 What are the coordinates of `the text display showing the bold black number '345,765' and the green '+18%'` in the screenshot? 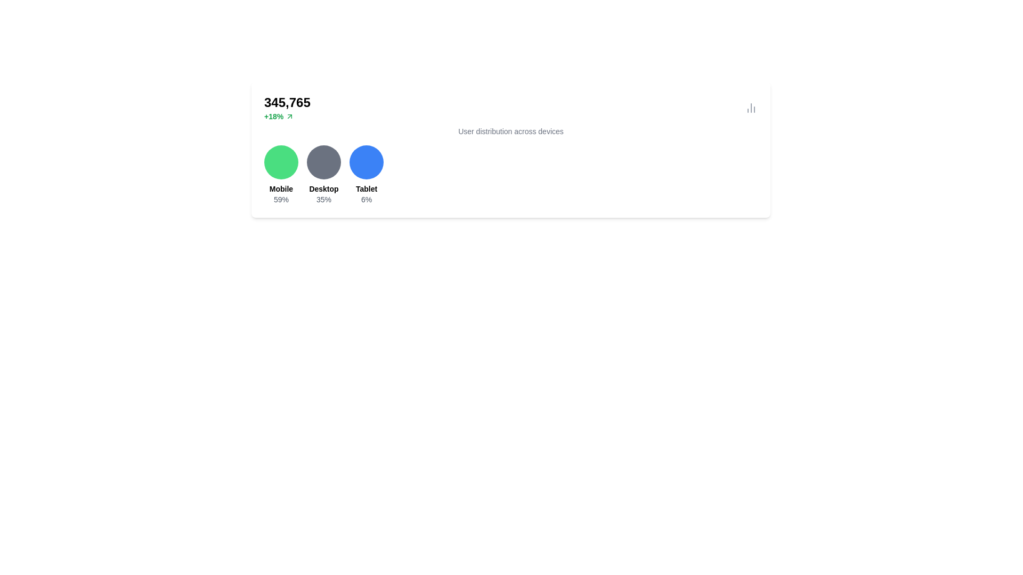 It's located at (287, 108).